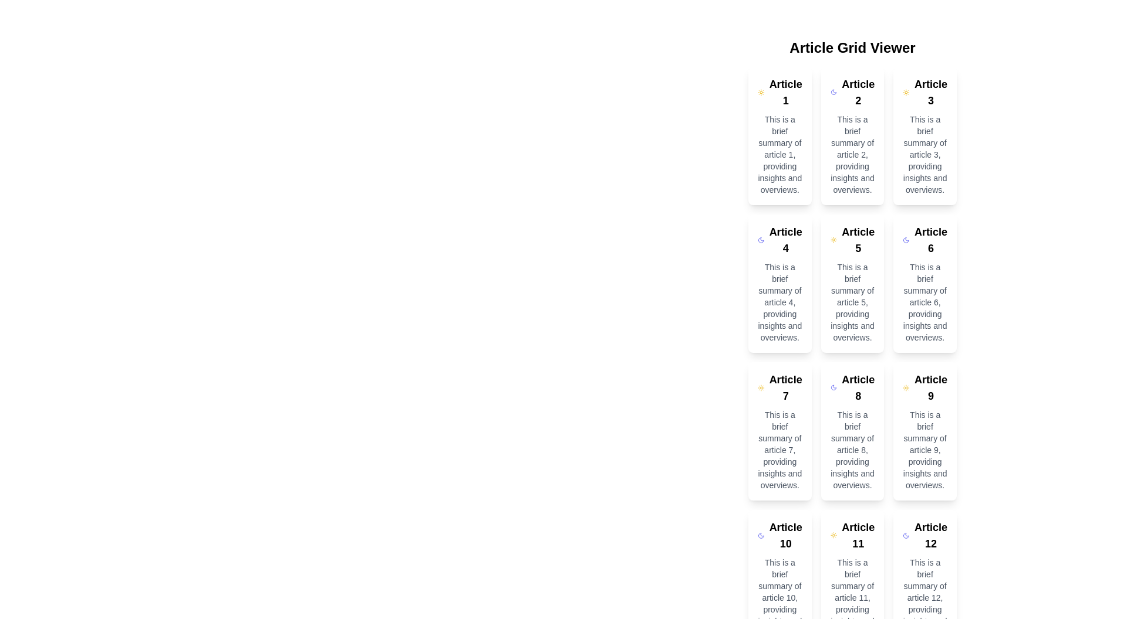  What do you see at coordinates (858, 92) in the screenshot?
I see `the title text label of the article card, which is the second item in the top row of the 'Article Grid Viewer'` at bounding box center [858, 92].